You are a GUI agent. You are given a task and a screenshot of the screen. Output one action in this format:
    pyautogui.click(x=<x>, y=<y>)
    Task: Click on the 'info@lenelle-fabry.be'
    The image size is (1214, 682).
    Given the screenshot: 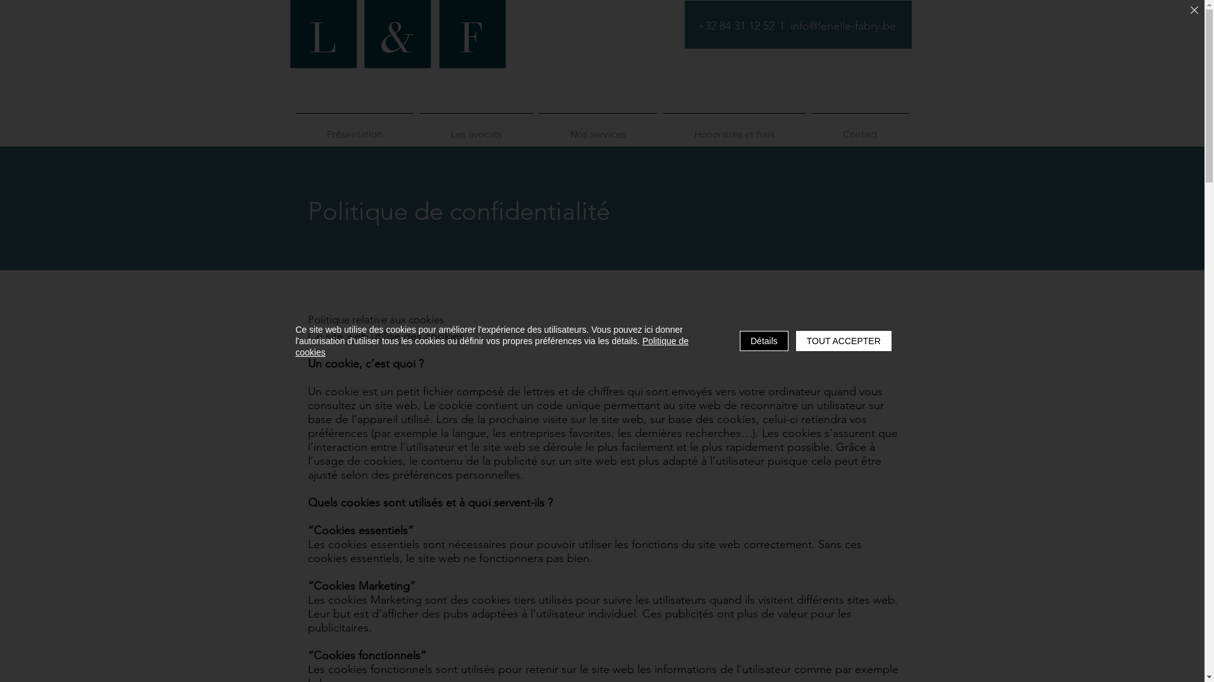 What is the action you would take?
    pyautogui.click(x=843, y=26)
    